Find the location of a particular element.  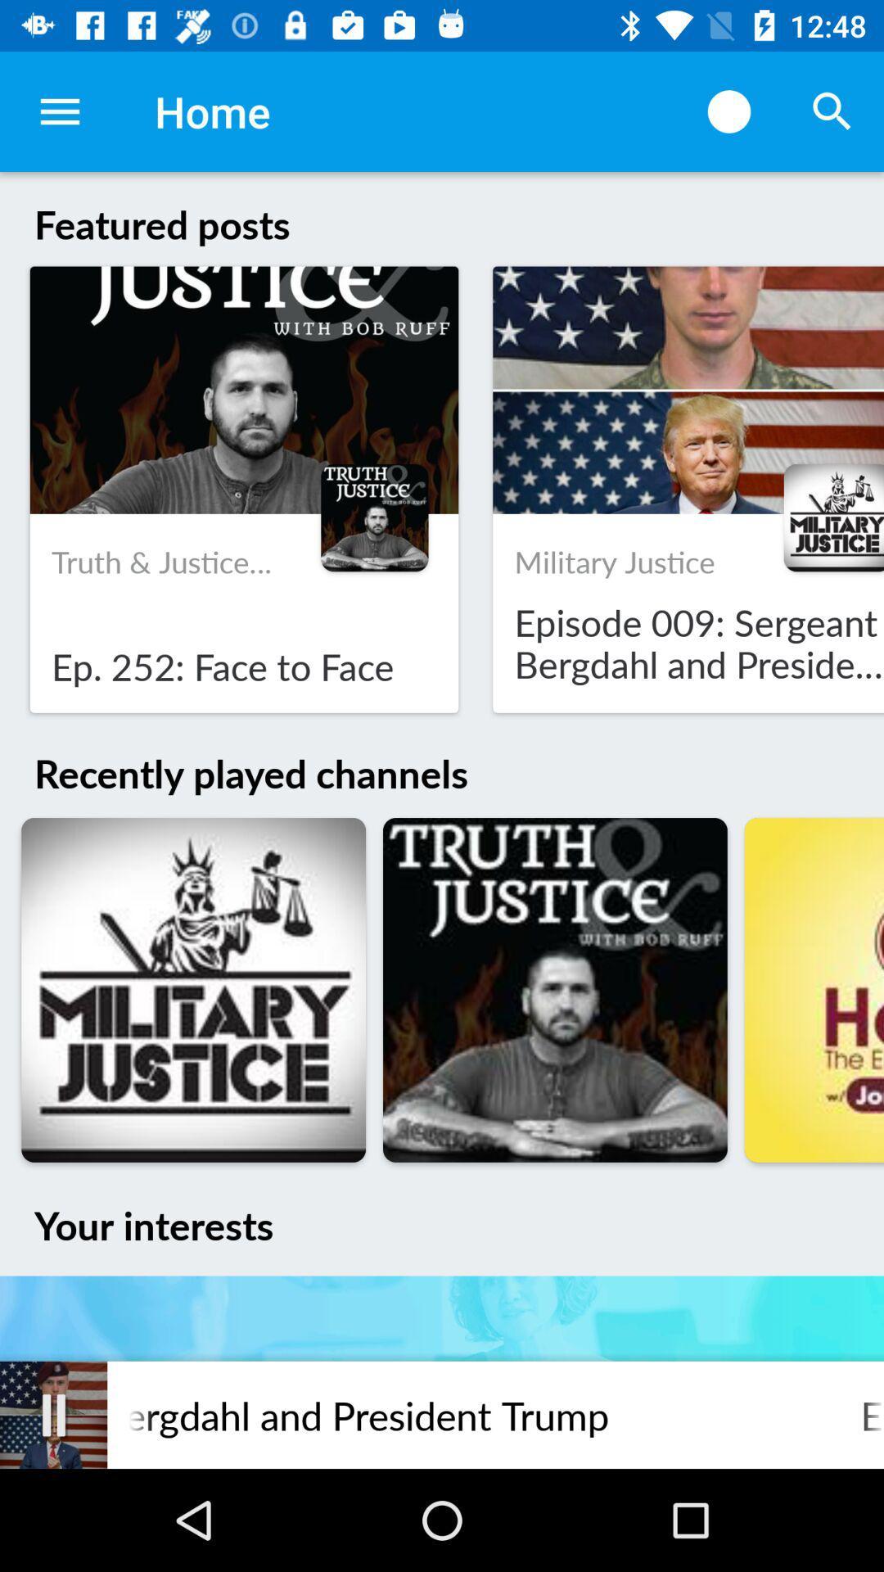

the item above the featured posts item is located at coordinates (728, 111).